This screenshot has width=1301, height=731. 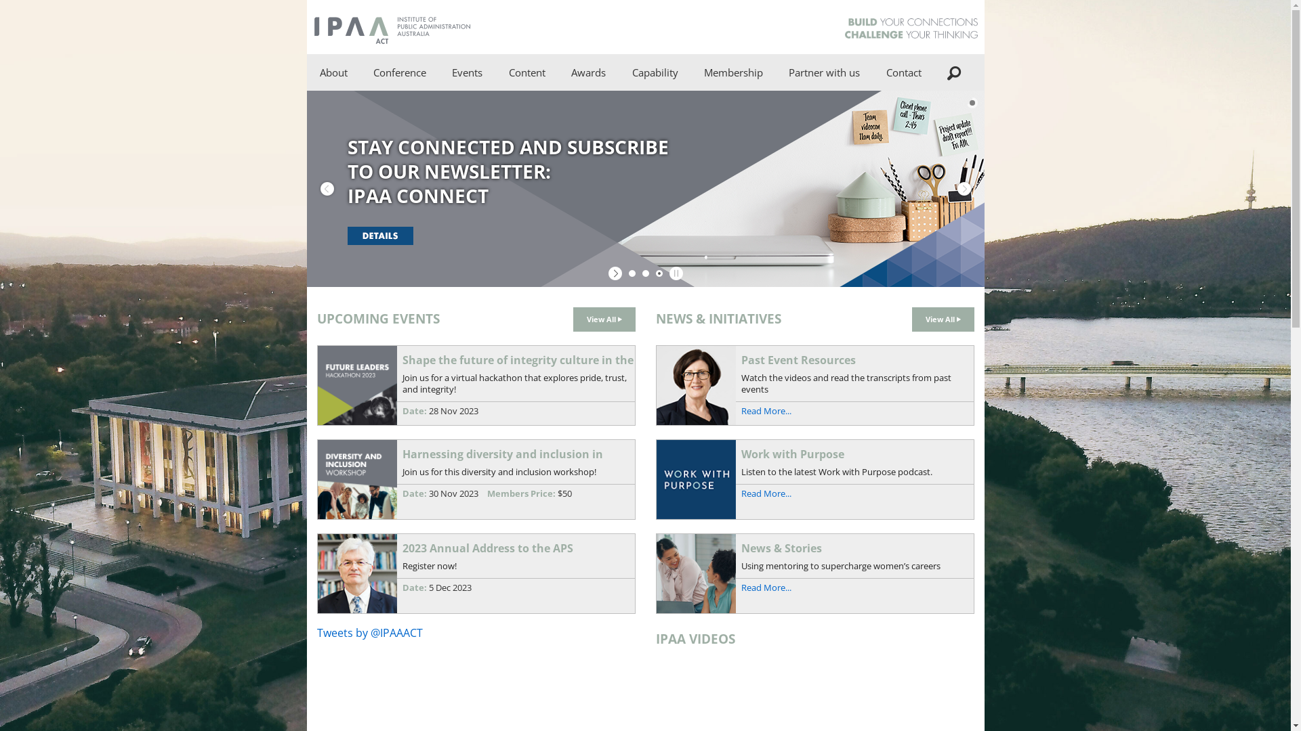 What do you see at coordinates (370, 632) in the screenshot?
I see `'Tweets by @IPAAACT'` at bounding box center [370, 632].